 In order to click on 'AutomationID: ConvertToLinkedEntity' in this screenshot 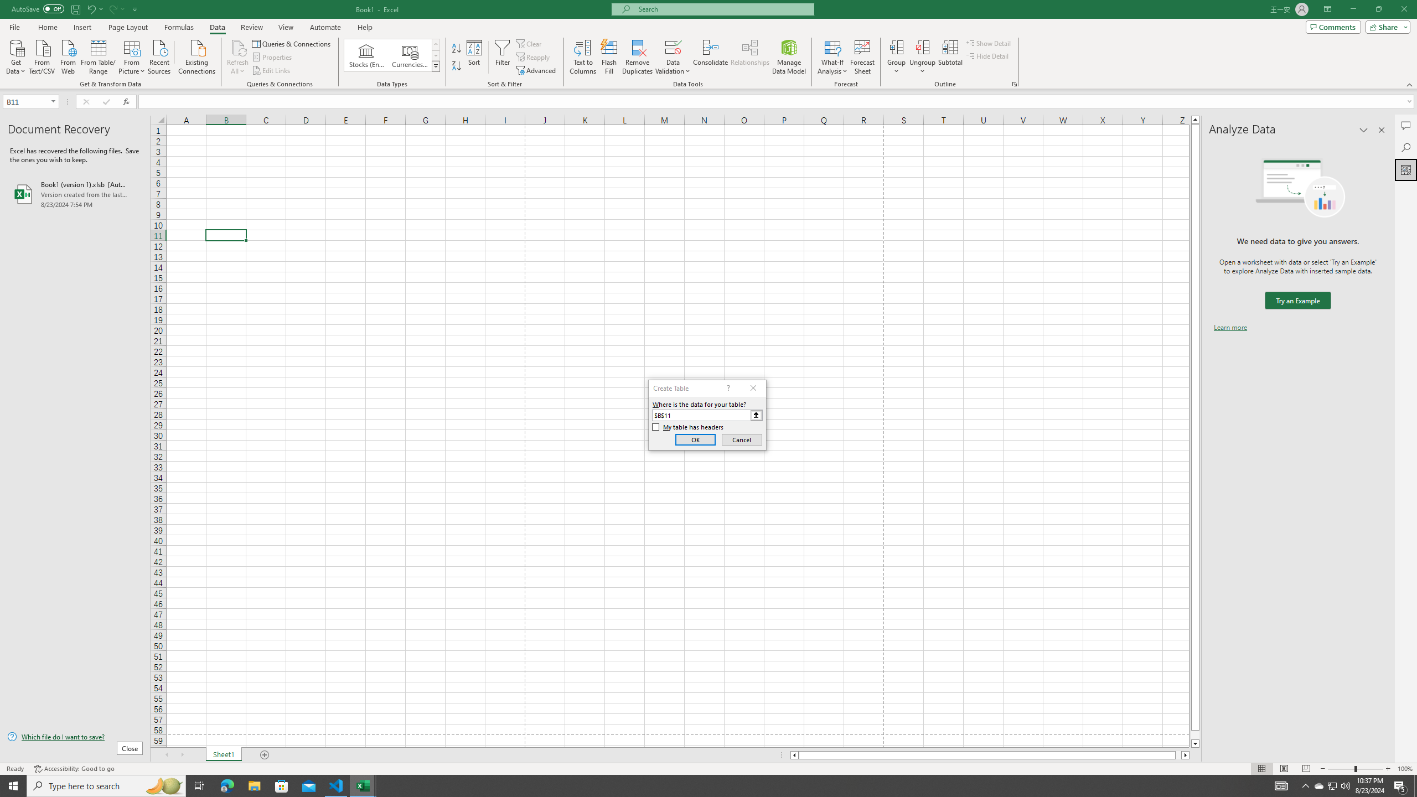, I will do `click(392, 55)`.